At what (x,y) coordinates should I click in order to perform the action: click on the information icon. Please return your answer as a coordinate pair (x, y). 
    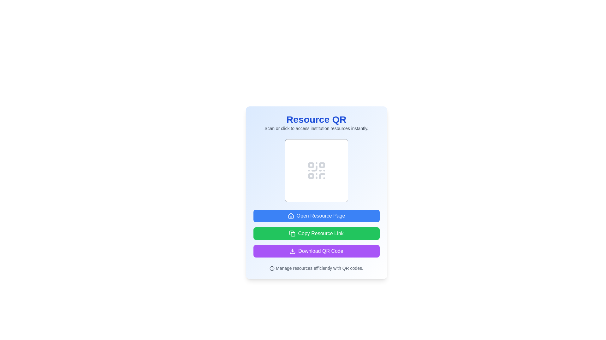
    Looking at the image, I should click on (272, 269).